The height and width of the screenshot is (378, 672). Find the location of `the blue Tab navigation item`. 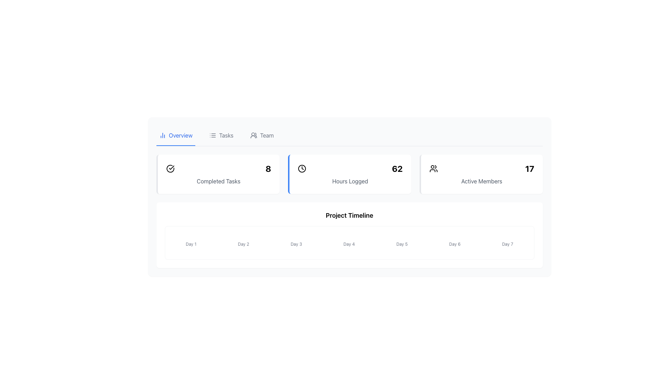

the blue Tab navigation item is located at coordinates (176, 136).